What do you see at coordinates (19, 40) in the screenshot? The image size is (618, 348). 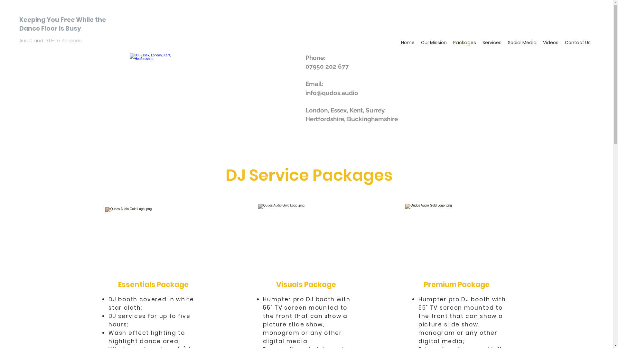 I see `'Audio and DJ Hire Services '` at bounding box center [19, 40].